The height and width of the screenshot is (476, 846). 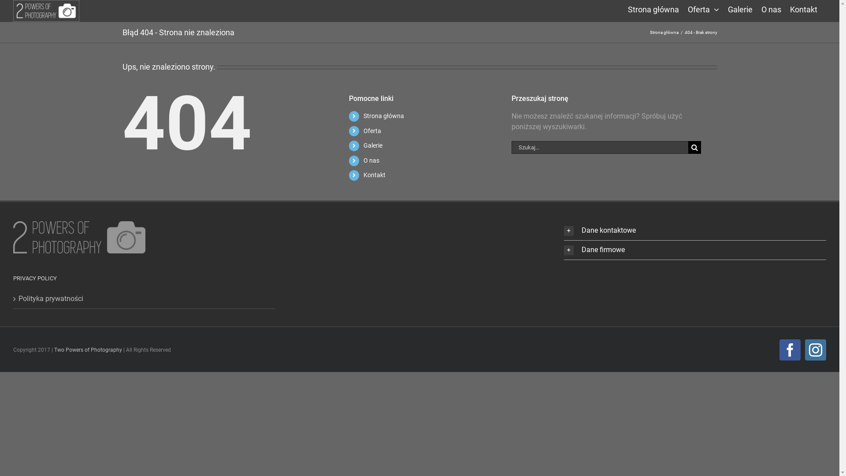 I want to click on 'Dane firmowe', so click(x=694, y=250).